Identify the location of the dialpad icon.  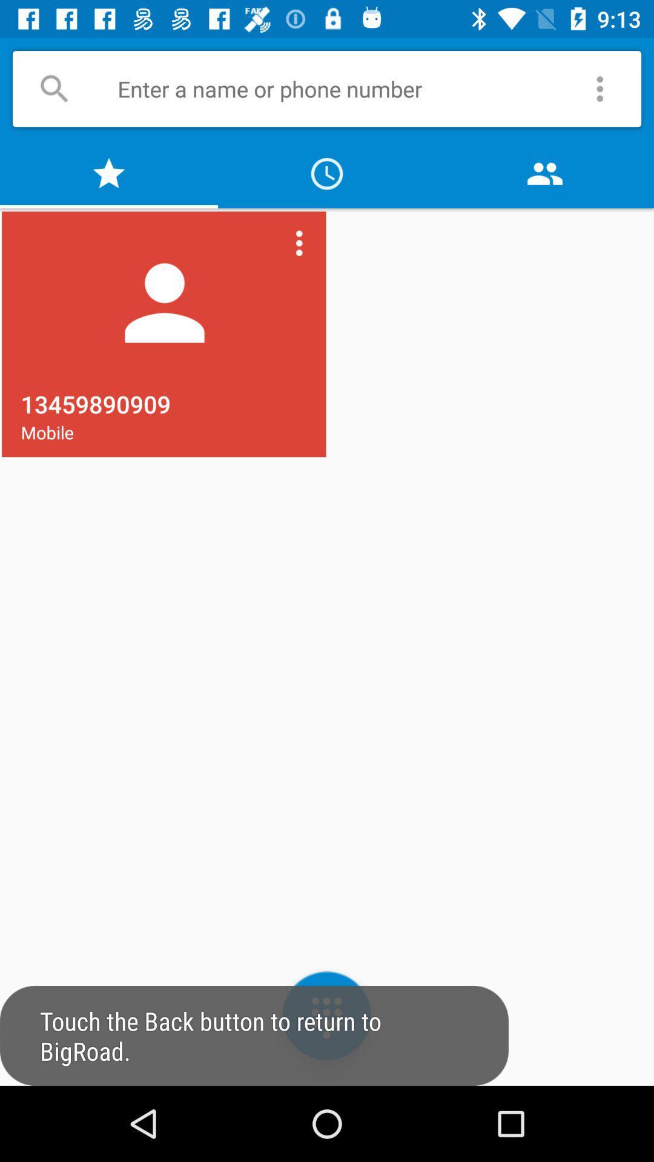
(327, 1016).